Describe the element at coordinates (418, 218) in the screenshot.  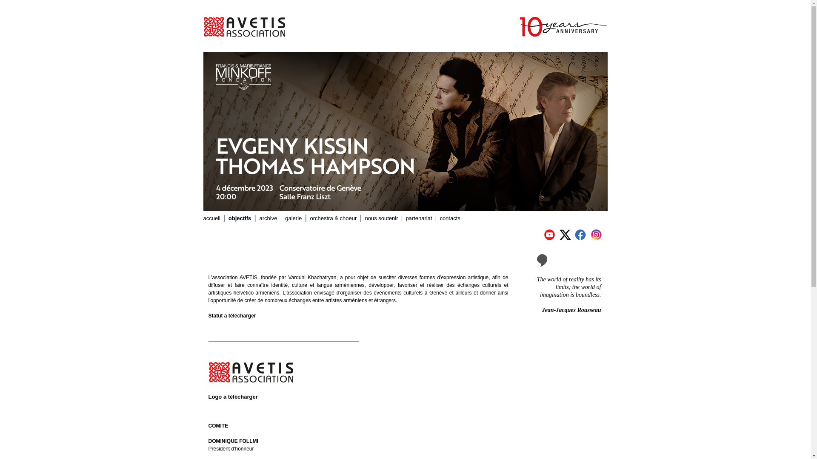
I see `'partenariat'` at that location.